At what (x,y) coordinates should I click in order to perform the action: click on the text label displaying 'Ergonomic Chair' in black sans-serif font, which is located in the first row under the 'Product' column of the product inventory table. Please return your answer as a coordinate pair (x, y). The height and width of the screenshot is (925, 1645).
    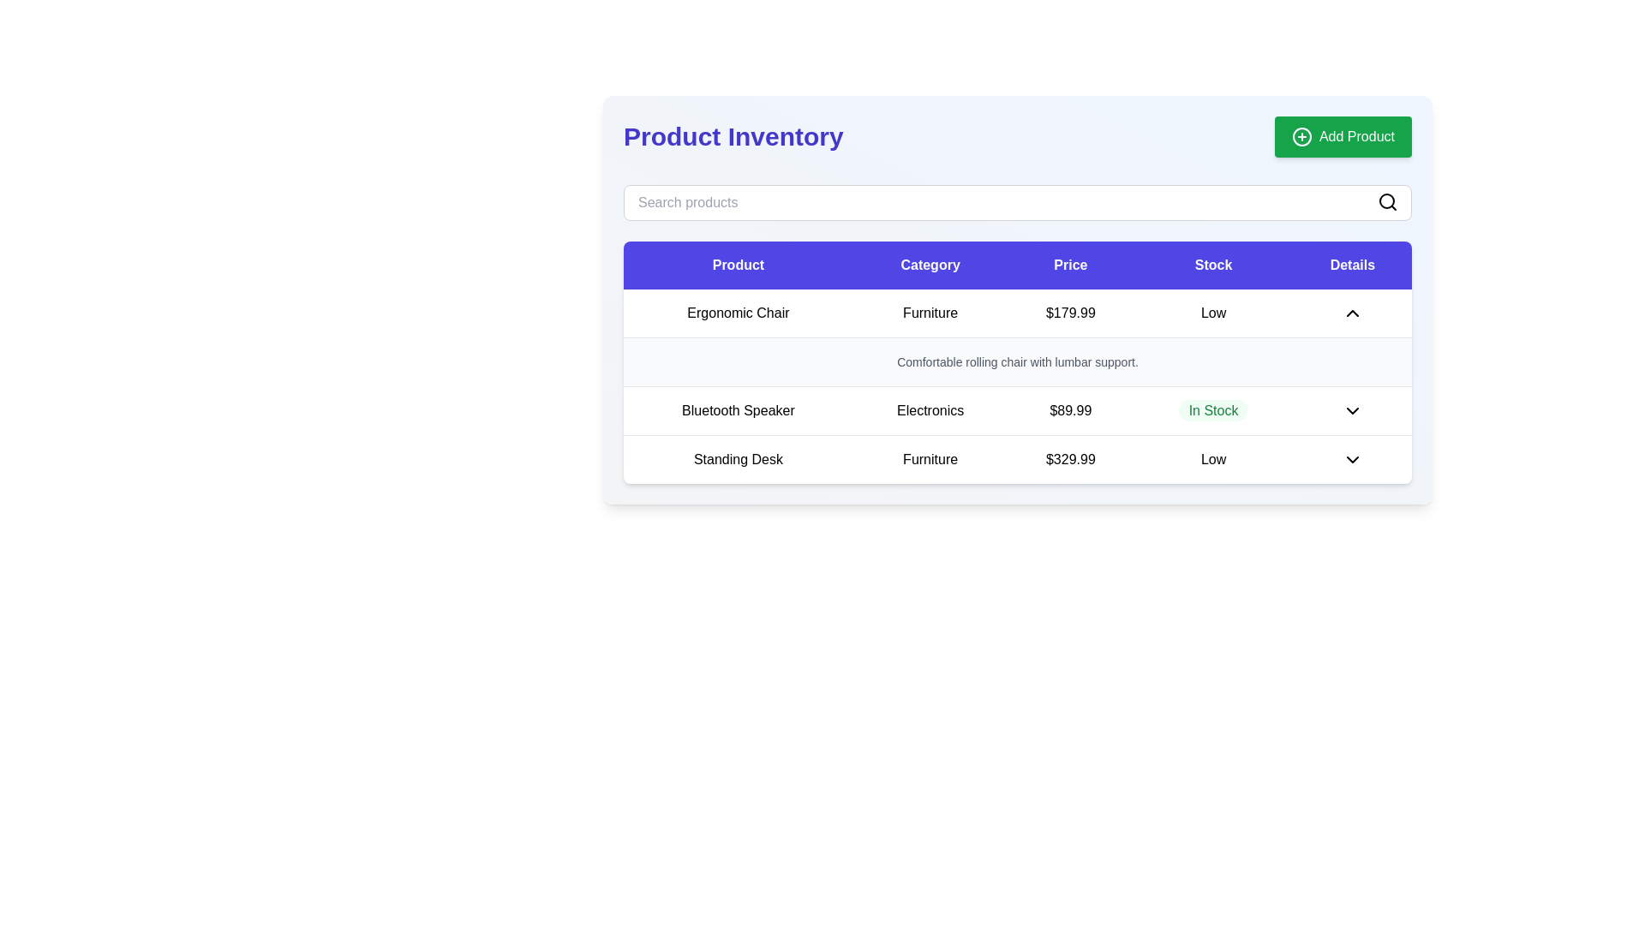
    Looking at the image, I should click on (738, 313).